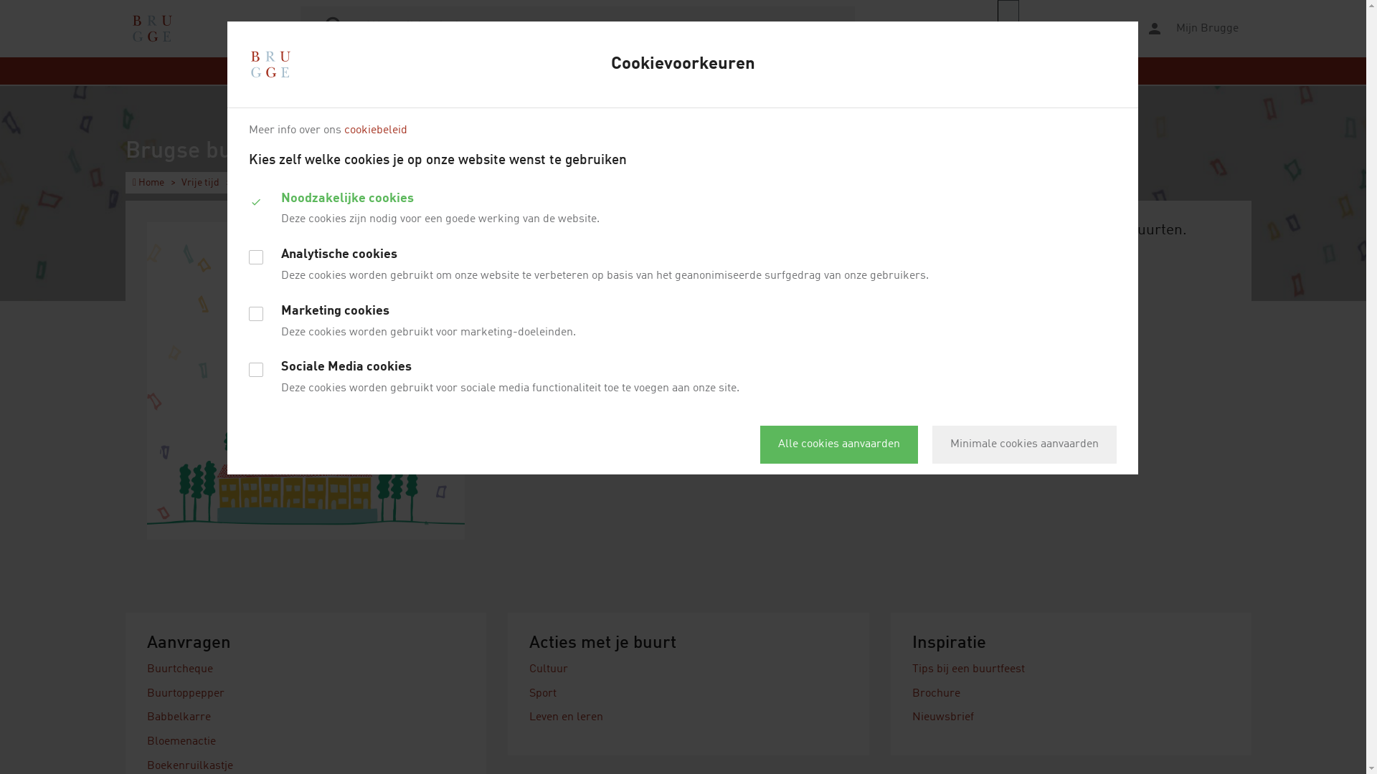 The image size is (1377, 774). Describe the element at coordinates (760, 444) in the screenshot. I see `'Alle cookies aanvaarden'` at that location.